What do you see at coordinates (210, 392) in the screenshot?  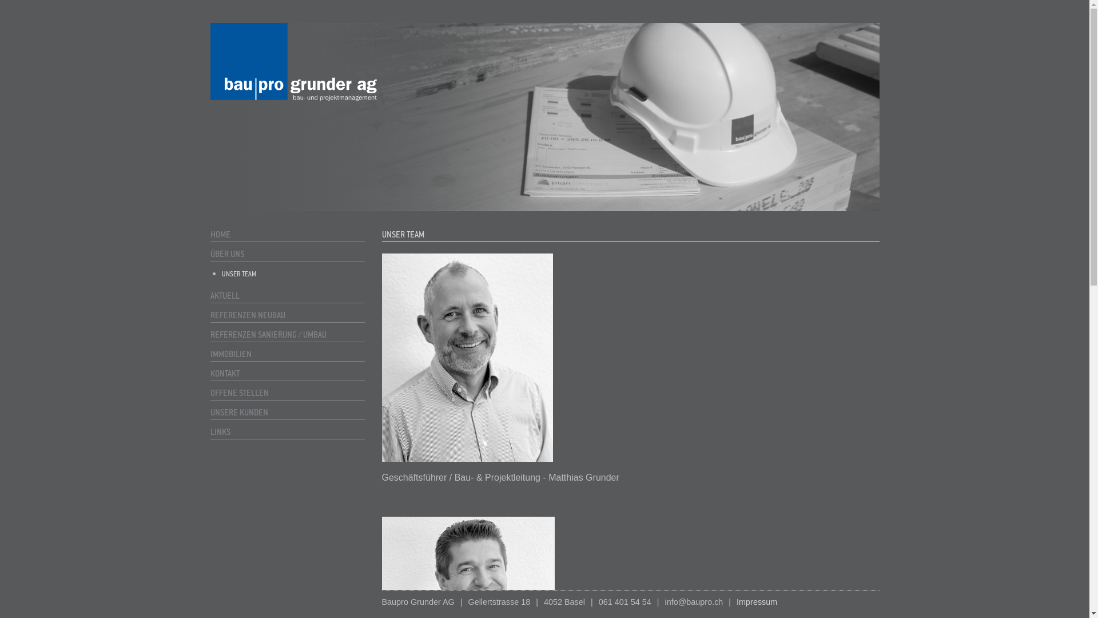 I see `'OFFENE STELLEN'` at bounding box center [210, 392].